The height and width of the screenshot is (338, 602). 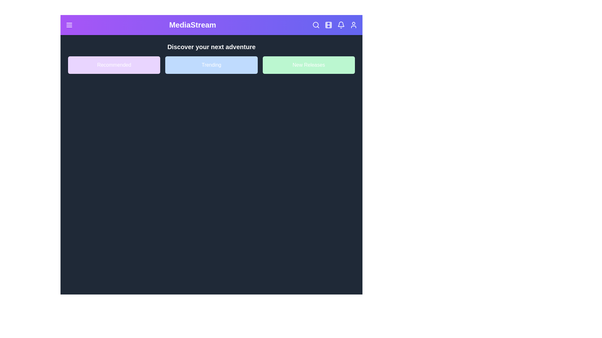 I want to click on the New Releases button to view its content, so click(x=308, y=65).